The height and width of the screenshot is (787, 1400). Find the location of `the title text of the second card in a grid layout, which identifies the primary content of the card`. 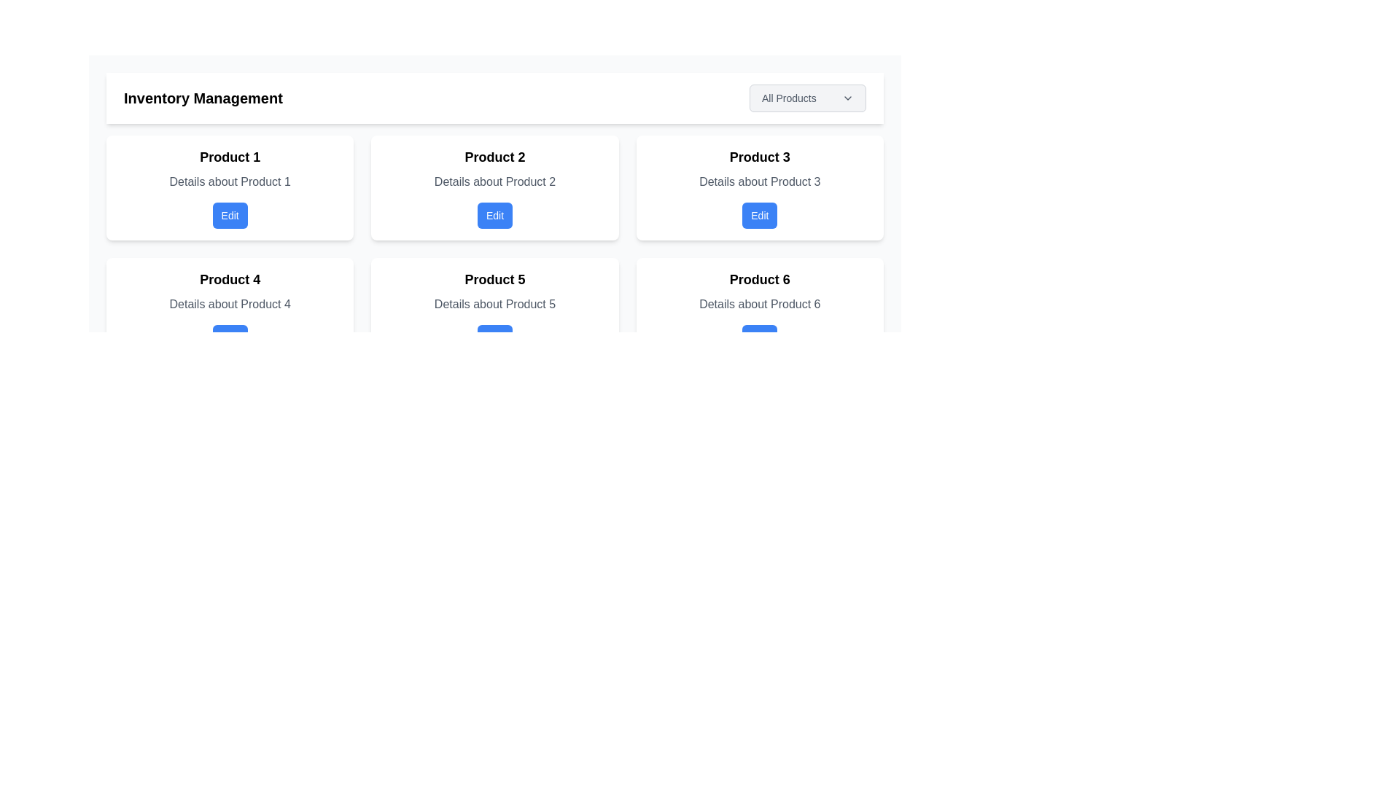

the title text of the second card in a grid layout, which identifies the primary content of the card is located at coordinates (494, 157).